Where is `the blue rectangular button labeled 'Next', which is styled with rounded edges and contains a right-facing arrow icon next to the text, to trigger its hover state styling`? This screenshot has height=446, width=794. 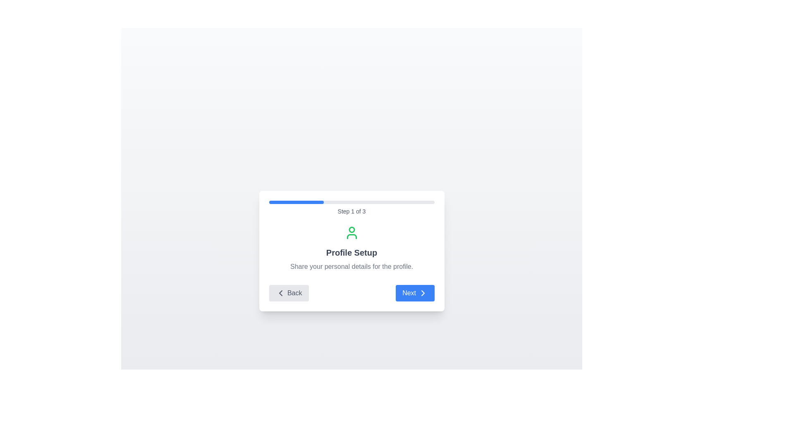
the blue rectangular button labeled 'Next', which is styled with rounded edges and contains a right-facing arrow icon next to the text, to trigger its hover state styling is located at coordinates (415, 292).